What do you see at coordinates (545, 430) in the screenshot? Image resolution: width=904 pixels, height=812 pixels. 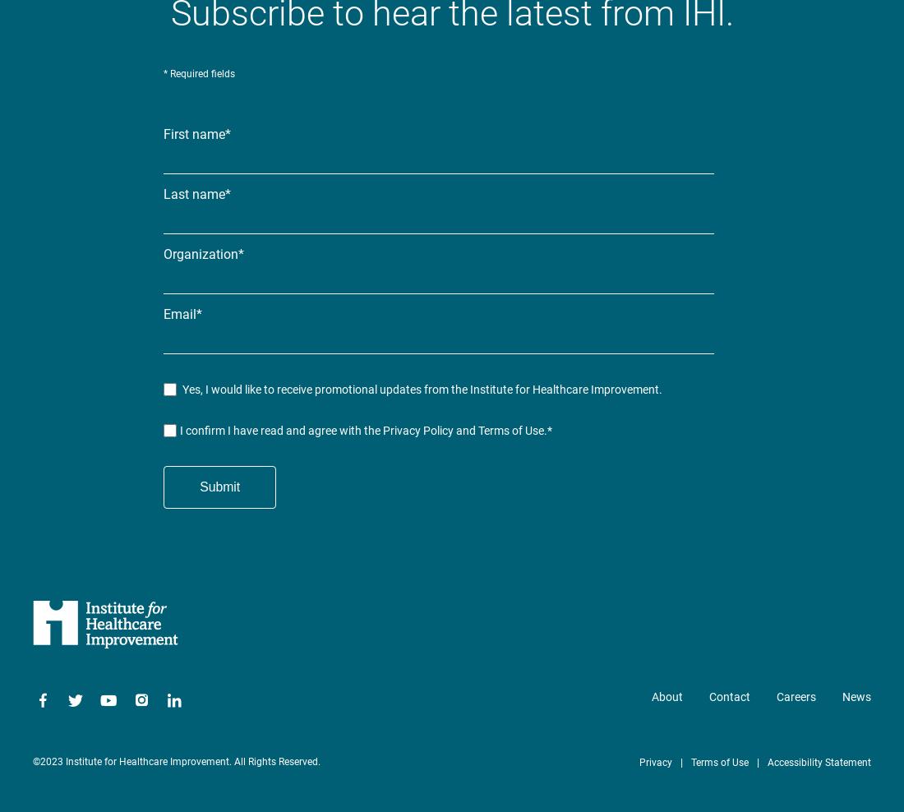 I see `'.'` at bounding box center [545, 430].